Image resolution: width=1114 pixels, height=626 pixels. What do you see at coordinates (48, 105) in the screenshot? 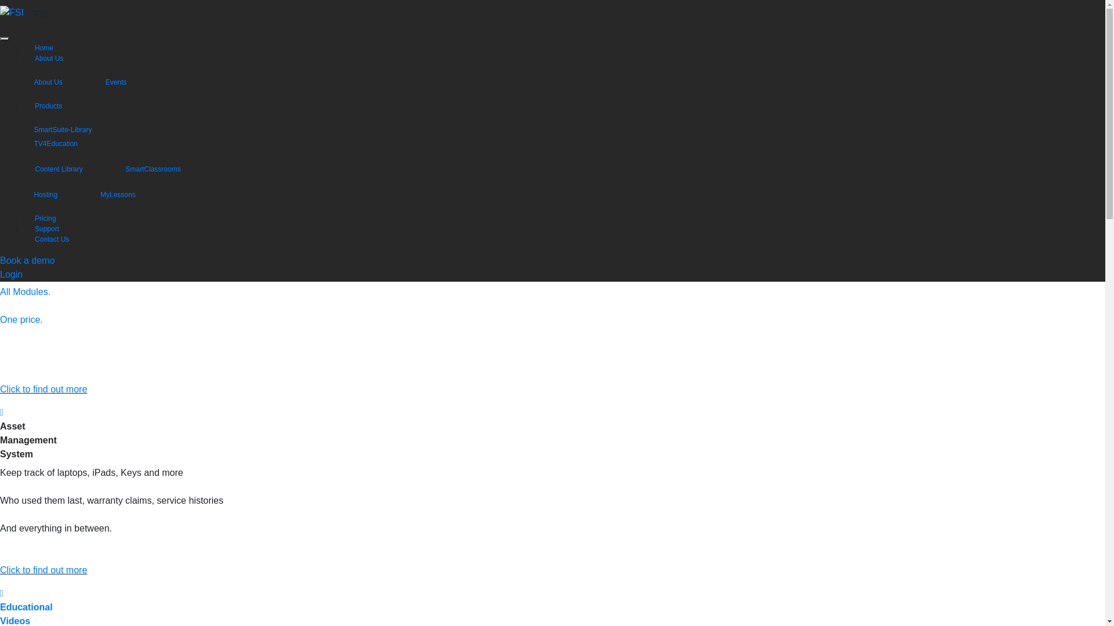
I see `'Products'` at bounding box center [48, 105].